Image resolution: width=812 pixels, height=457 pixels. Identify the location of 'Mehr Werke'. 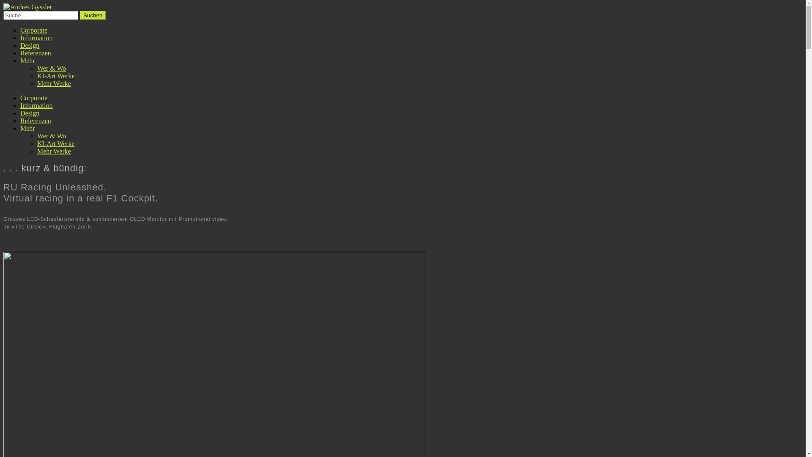
(54, 83).